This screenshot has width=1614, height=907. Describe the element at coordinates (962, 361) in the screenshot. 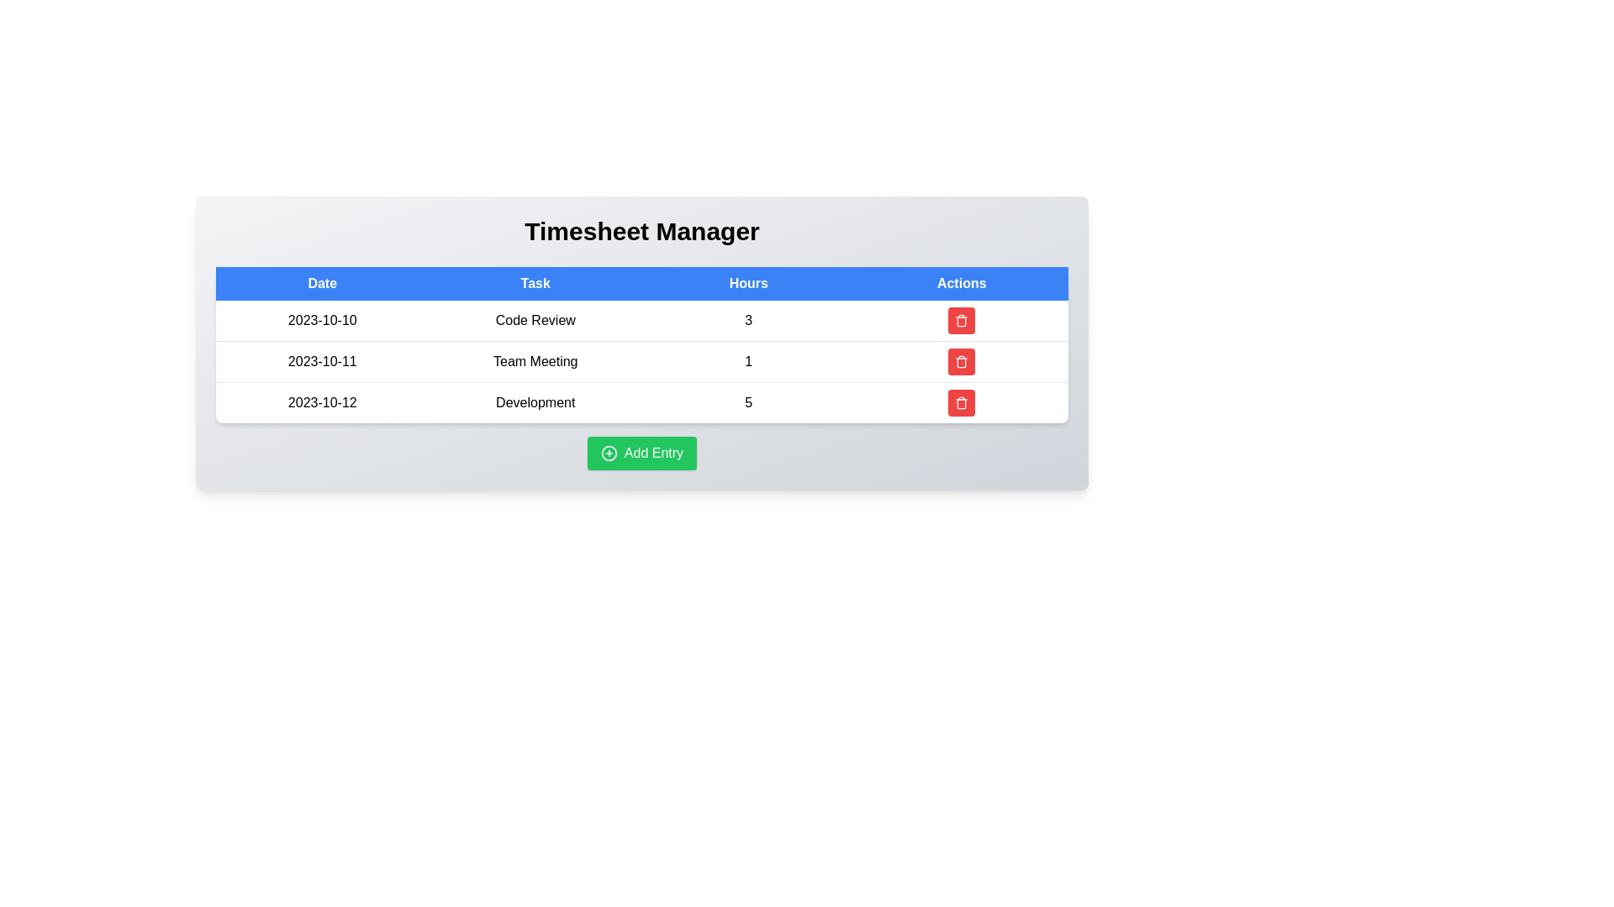

I see `the delete icon button in the 'Actions' column corresponding to the entry dated '2023-10-10'` at that location.